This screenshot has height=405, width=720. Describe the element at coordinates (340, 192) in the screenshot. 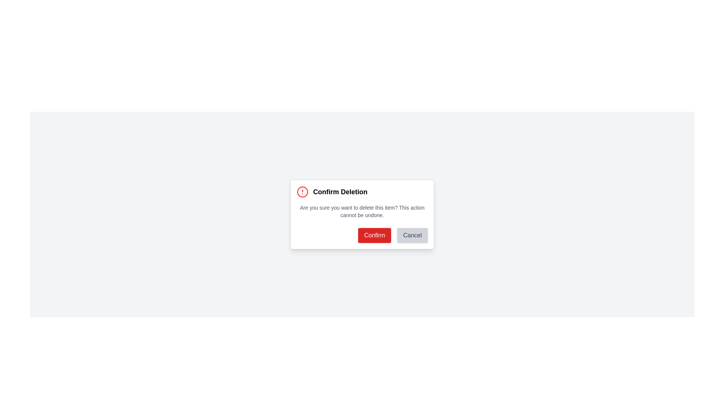

I see `the bold text component that says 'Confirm Deletion' located at the top of the modal dialog box, distinctively styled in large black font and situated to the right of a warning signal icon` at that location.